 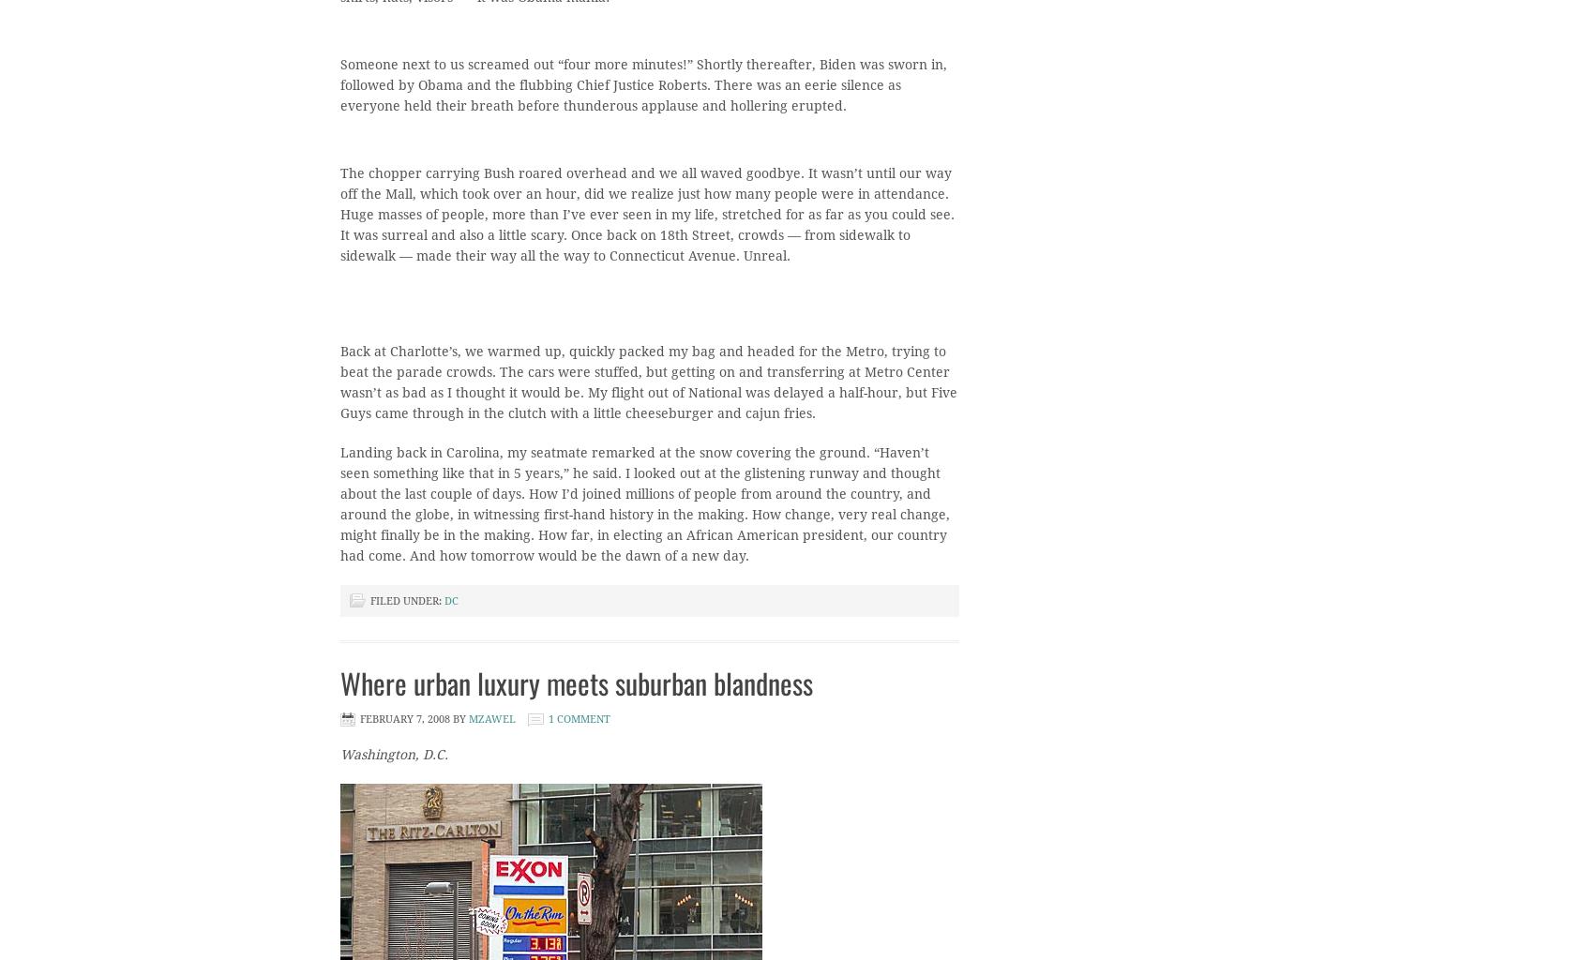 What do you see at coordinates (642, 85) in the screenshot?
I see `'Someone next to us screamed out “four more minutes!” Shortly thereafter, Biden was sworn in, followed by Obama and the flubbing Chief Justice Roberts. There was an eerie silence as everyone held their breath before thunderous applause and hollering erupted.'` at bounding box center [642, 85].